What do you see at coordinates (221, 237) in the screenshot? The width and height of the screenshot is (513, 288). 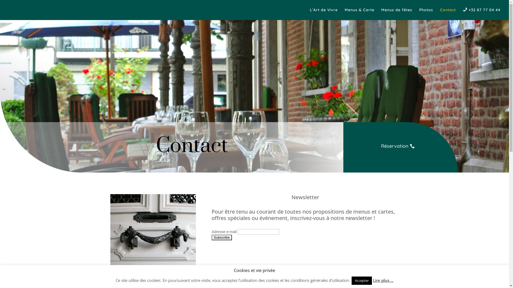 I see `'Subscribe'` at bounding box center [221, 237].